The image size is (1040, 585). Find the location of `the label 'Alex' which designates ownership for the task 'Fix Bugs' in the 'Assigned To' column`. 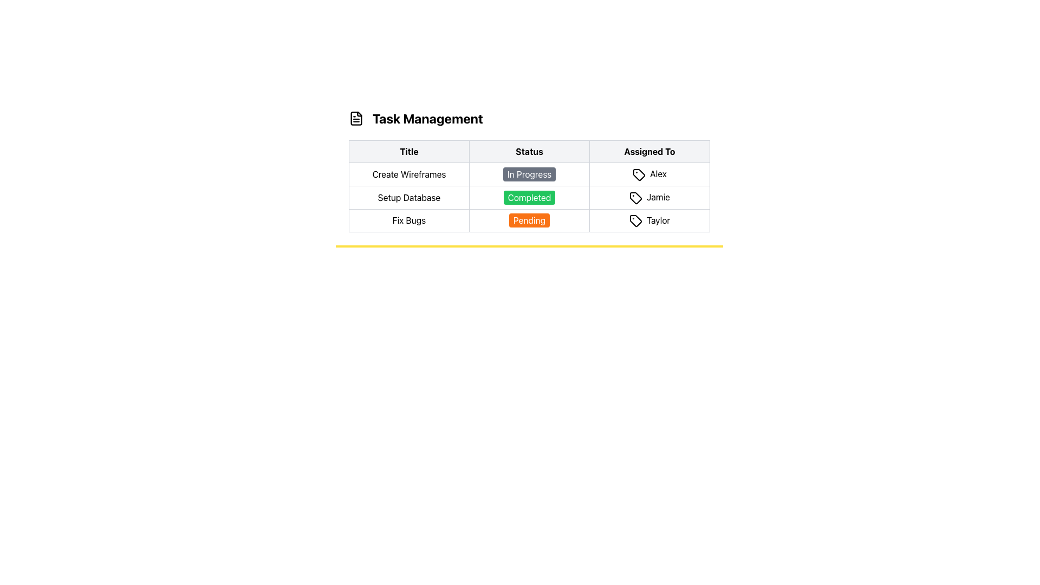

the label 'Alex' which designates ownership for the task 'Fix Bugs' in the 'Assigned To' column is located at coordinates (649, 173).